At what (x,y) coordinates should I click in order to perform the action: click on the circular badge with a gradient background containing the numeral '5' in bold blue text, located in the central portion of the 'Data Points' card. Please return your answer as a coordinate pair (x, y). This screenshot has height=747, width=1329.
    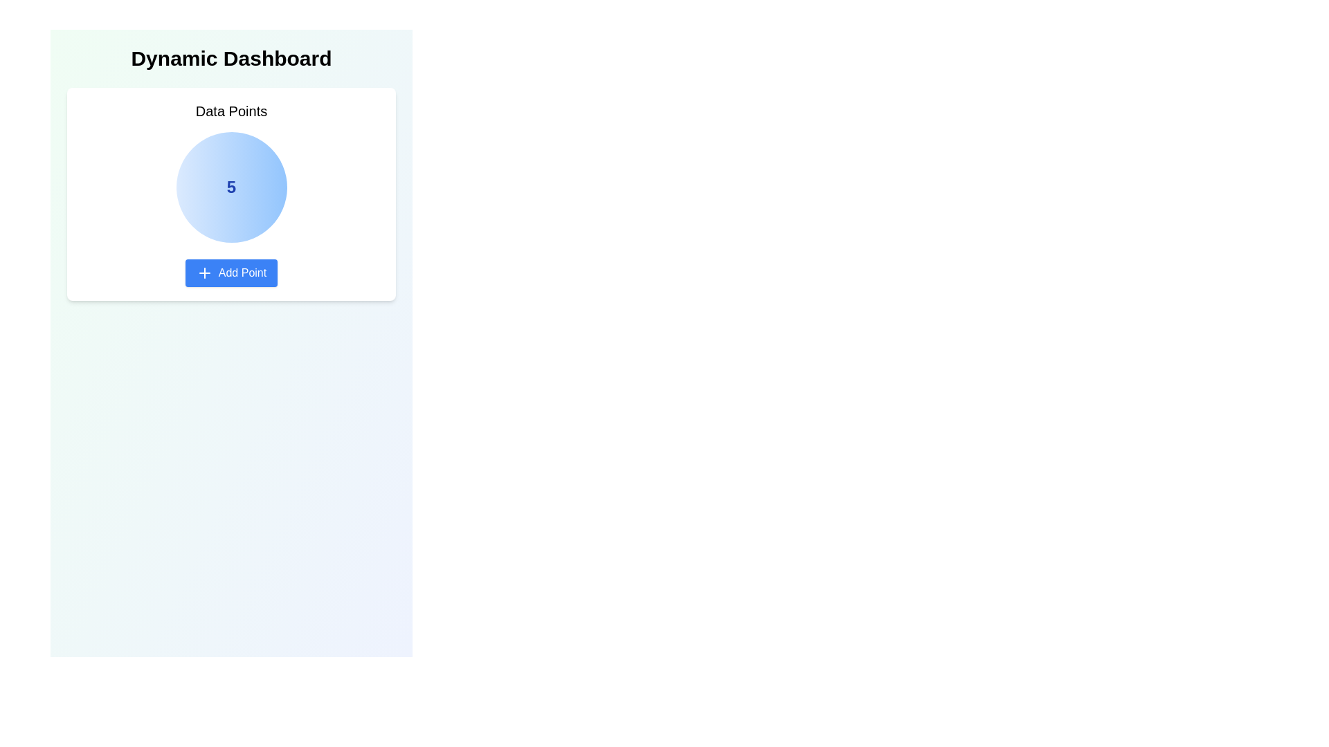
    Looking at the image, I should click on (231, 187).